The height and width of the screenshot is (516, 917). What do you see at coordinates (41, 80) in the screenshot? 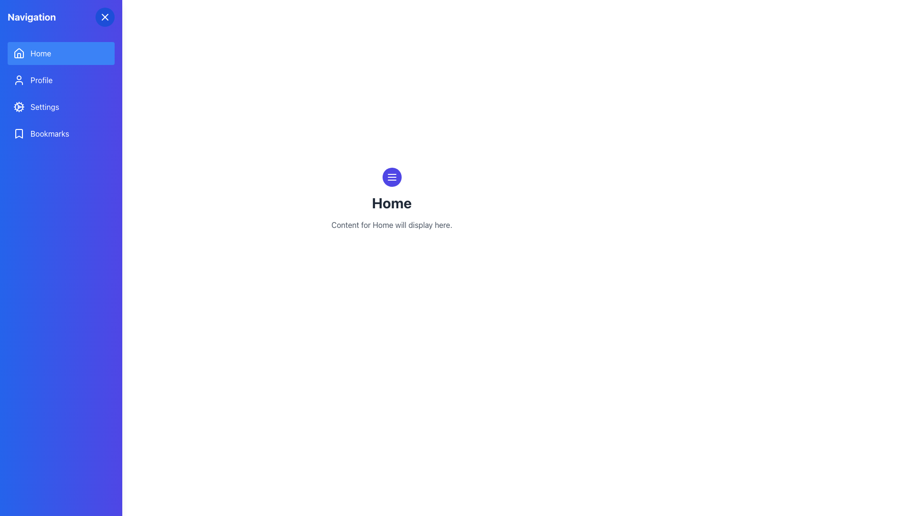
I see `the 'Profile' navigation menu label, which is the second option in the vertical menu on the left side, positioned between 'Home' and 'Settings'` at bounding box center [41, 80].